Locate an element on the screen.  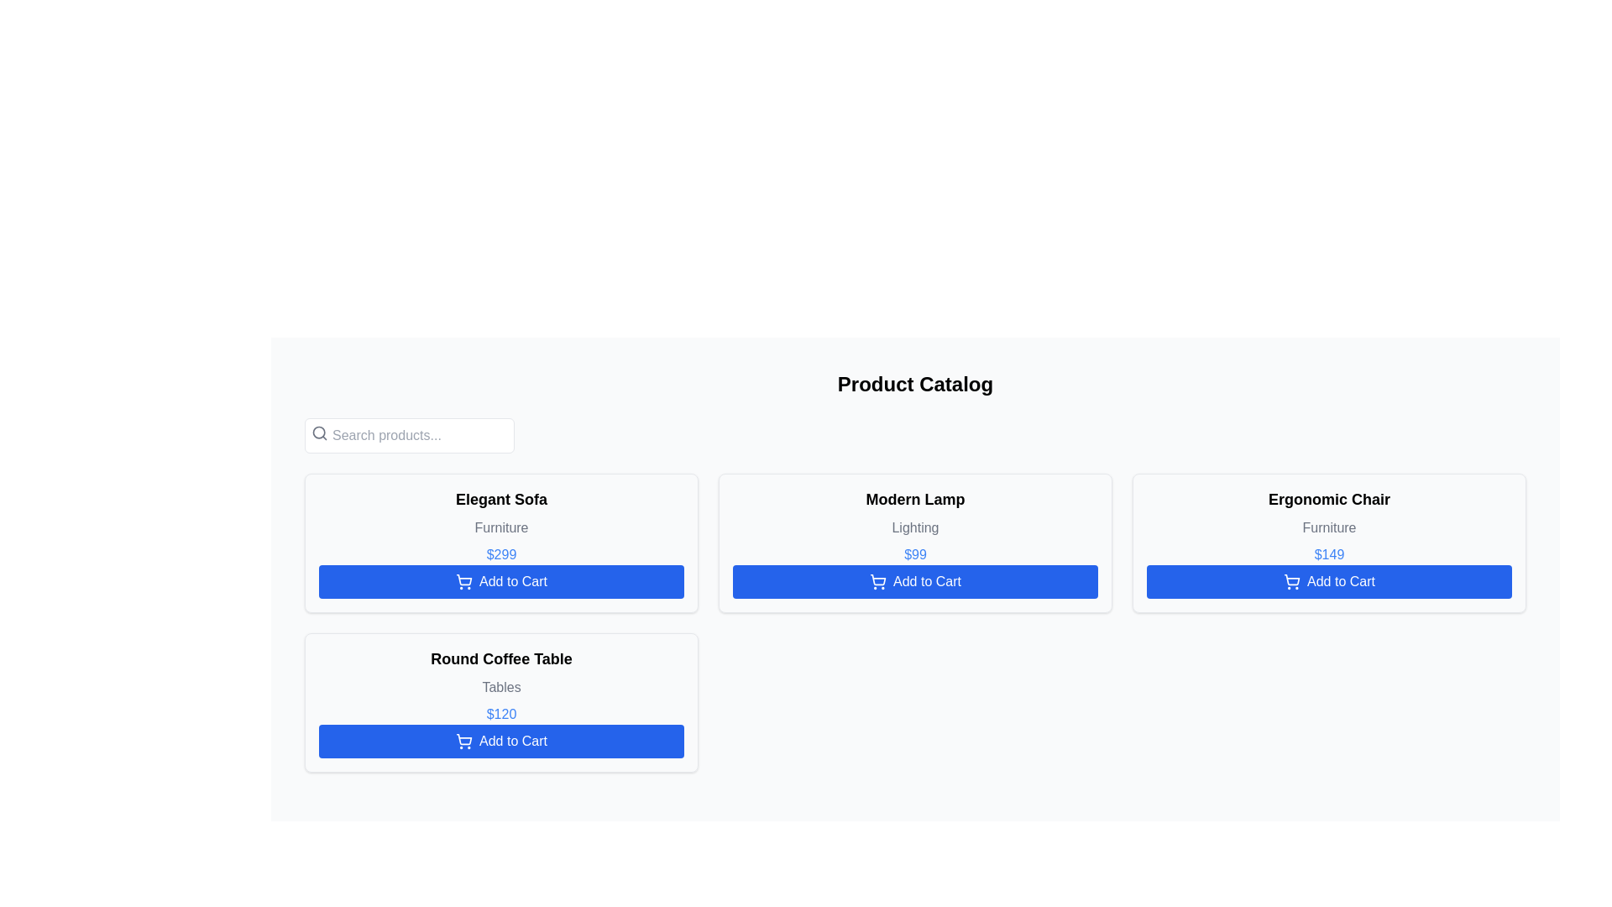
the text label displaying the product name 'Ergonomic Chair' and category 'Furniture' located in the top-right quadrant of the product catalog grid is located at coordinates (1328, 511).